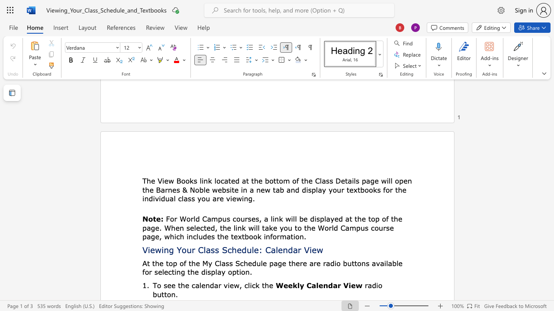 Image resolution: width=554 pixels, height=311 pixels. What do you see at coordinates (306, 250) in the screenshot?
I see `the 2th character "V" in the text` at bounding box center [306, 250].